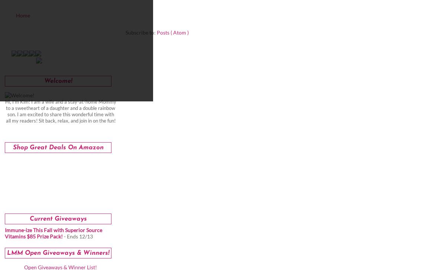 Image resolution: width=434 pixels, height=270 pixels. Describe the element at coordinates (58, 81) in the screenshot. I see `'Welcome!'` at that location.